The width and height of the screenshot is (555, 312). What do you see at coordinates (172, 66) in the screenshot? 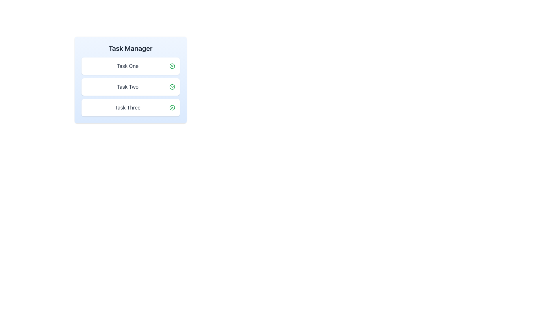
I see `the green icon button located at the right edge of the 'Task One' panel` at bounding box center [172, 66].